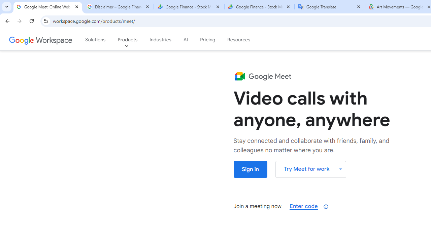 The image size is (431, 242). What do you see at coordinates (128, 40) in the screenshot?
I see `'Products'` at bounding box center [128, 40].